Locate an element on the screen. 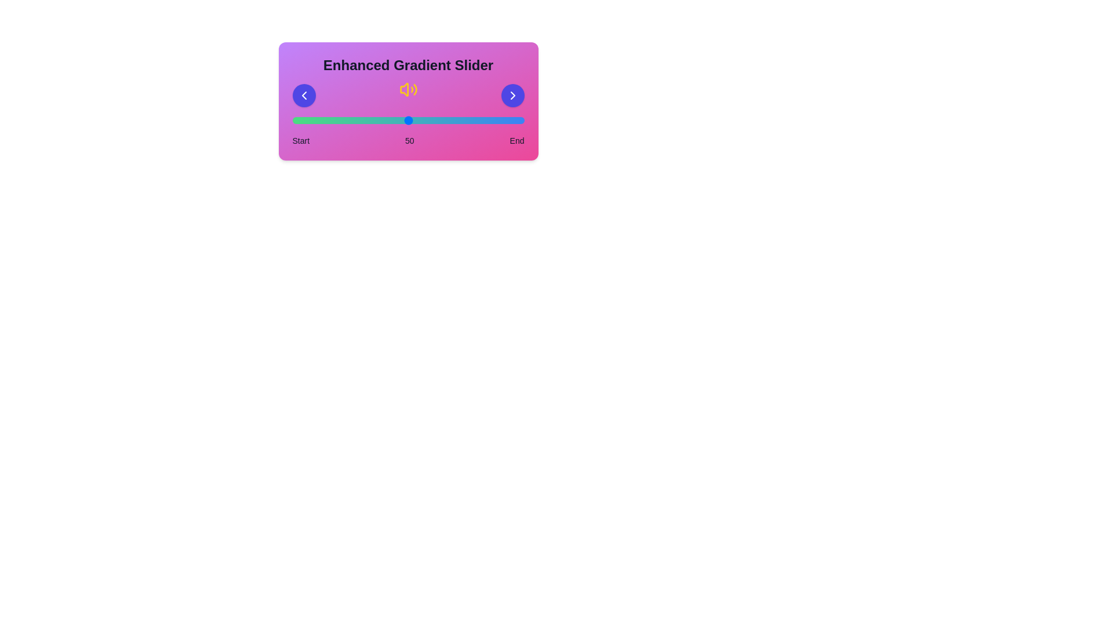 Image resolution: width=1113 pixels, height=626 pixels. the slider to the value 71 is located at coordinates (456, 121).